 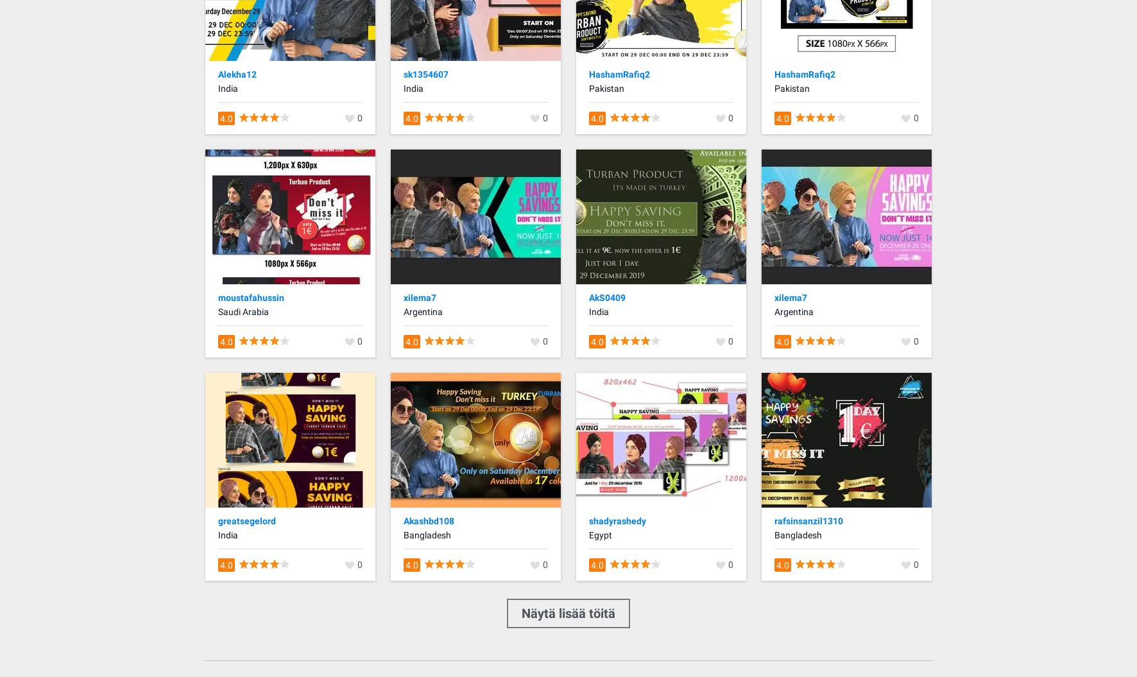 What do you see at coordinates (606, 296) in the screenshot?
I see `'AkS0409'` at bounding box center [606, 296].